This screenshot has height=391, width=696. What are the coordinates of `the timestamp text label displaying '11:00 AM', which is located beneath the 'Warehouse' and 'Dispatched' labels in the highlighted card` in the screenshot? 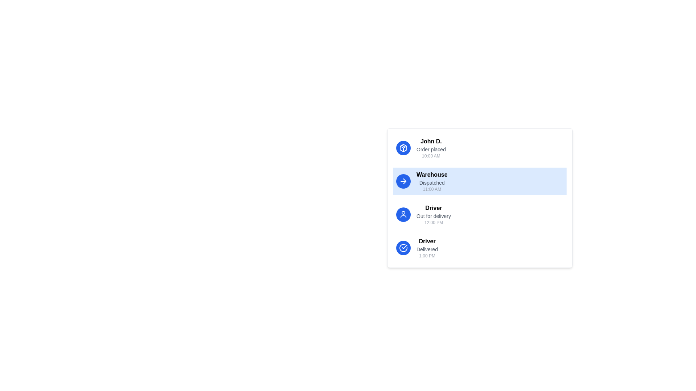 It's located at (432, 189).